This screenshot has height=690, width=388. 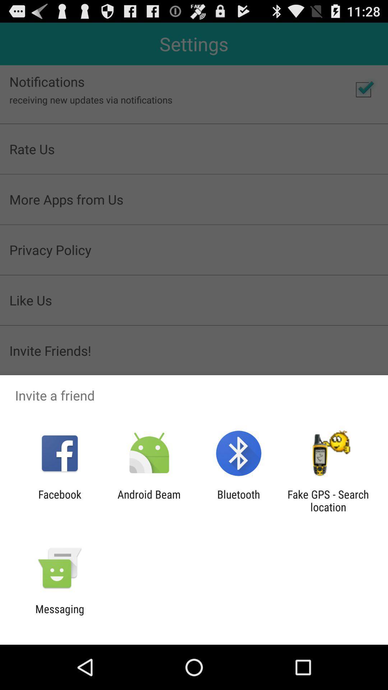 I want to click on the bluetooth, so click(x=239, y=500).